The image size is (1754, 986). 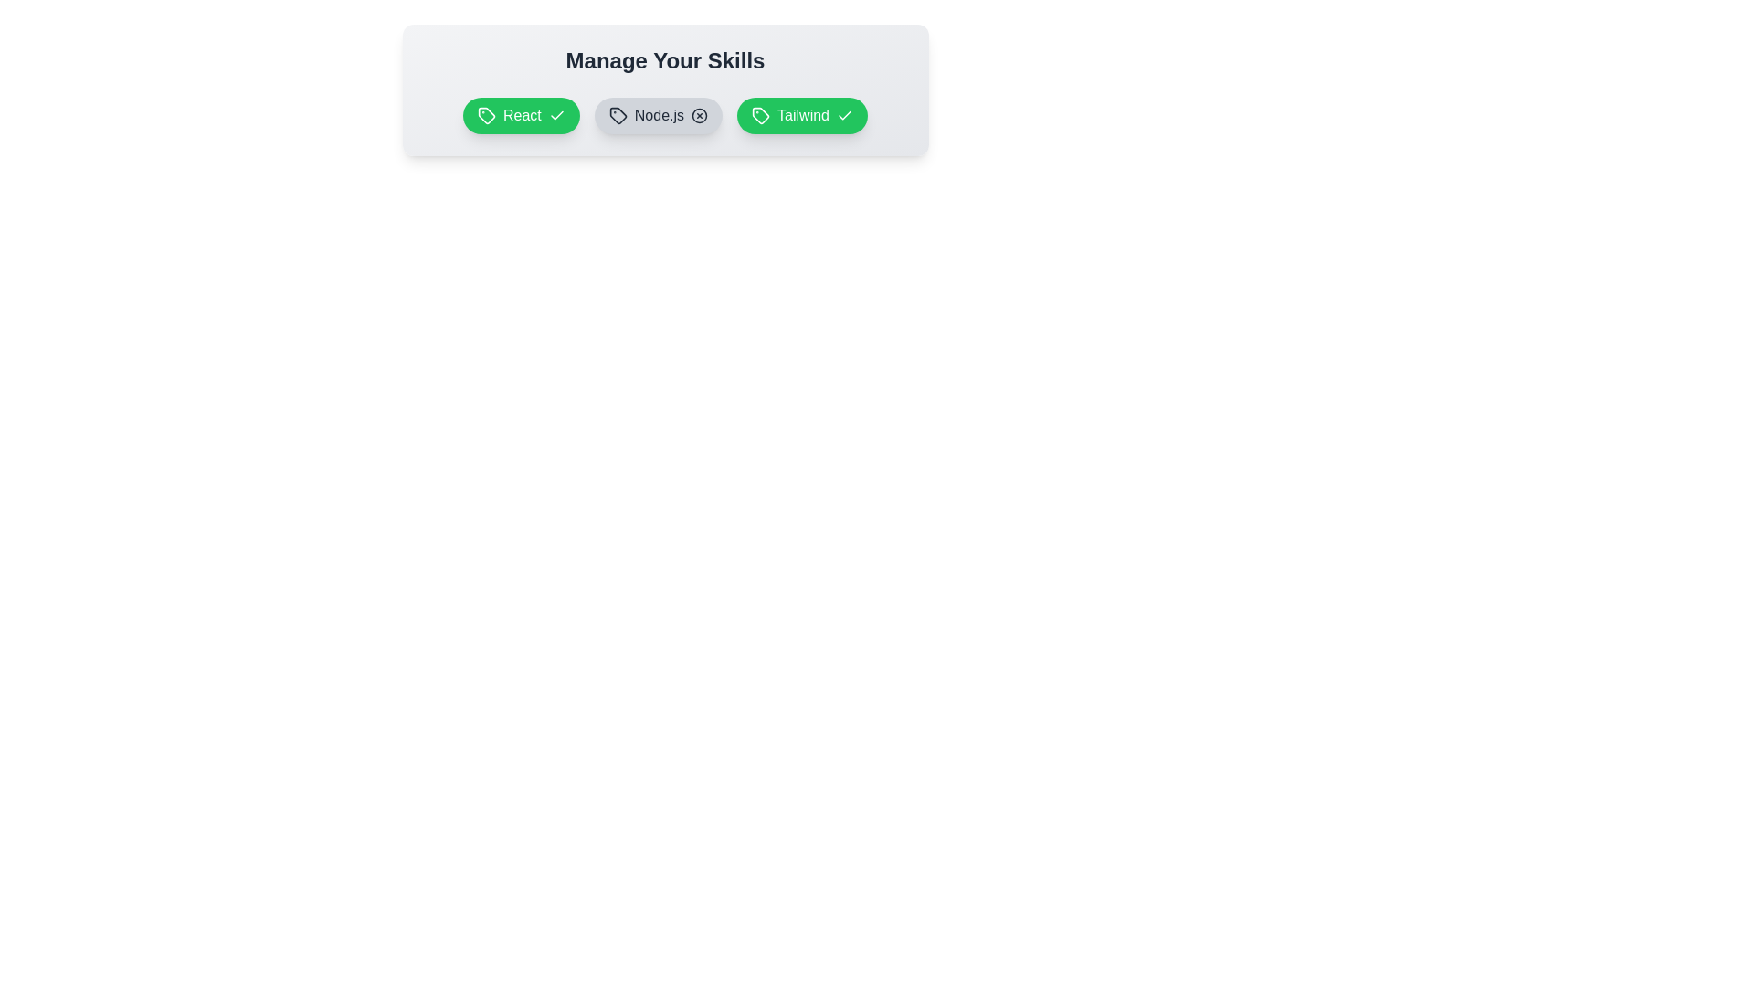 What do you see at coordinates (520, 116) in the screenshot?
I see `the skill tag for 'React' to observe the hover effect` at bounding box center [520, 116].